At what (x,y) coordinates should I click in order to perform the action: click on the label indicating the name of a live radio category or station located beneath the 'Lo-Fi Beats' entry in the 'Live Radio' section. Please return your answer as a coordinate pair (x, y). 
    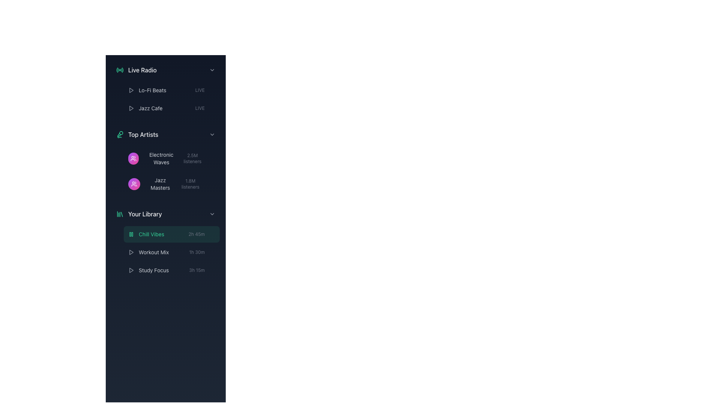
    Looking at the image, I should click on (150, 108).